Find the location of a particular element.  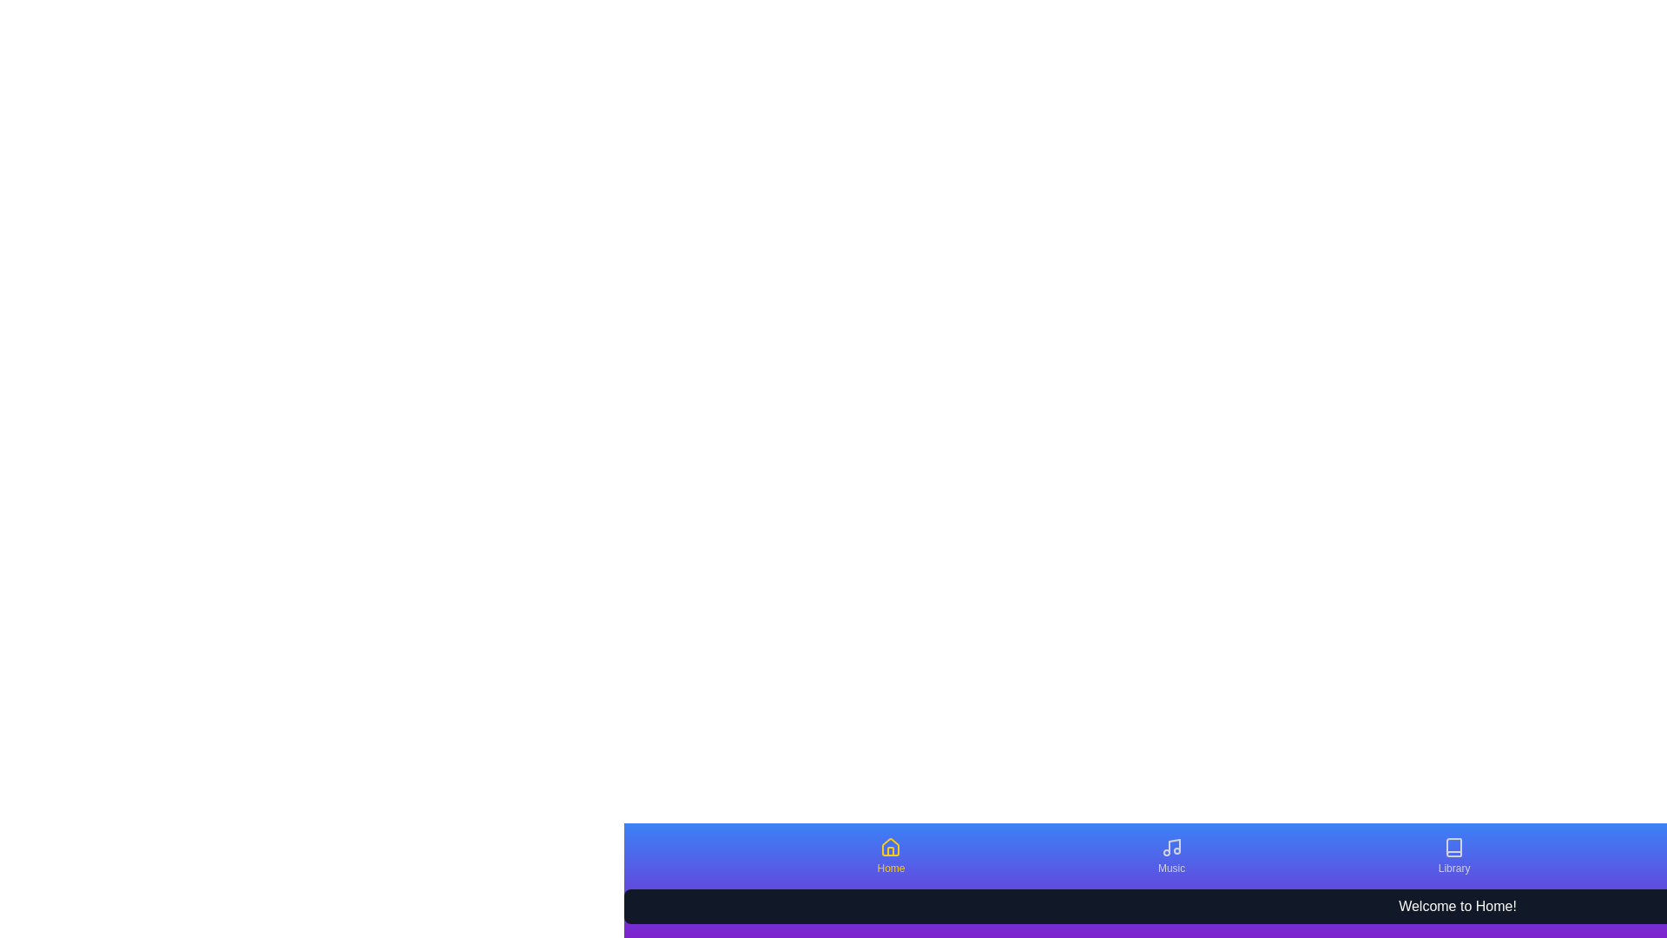

the Home tab to activate it is located at coordinates (891, 855).